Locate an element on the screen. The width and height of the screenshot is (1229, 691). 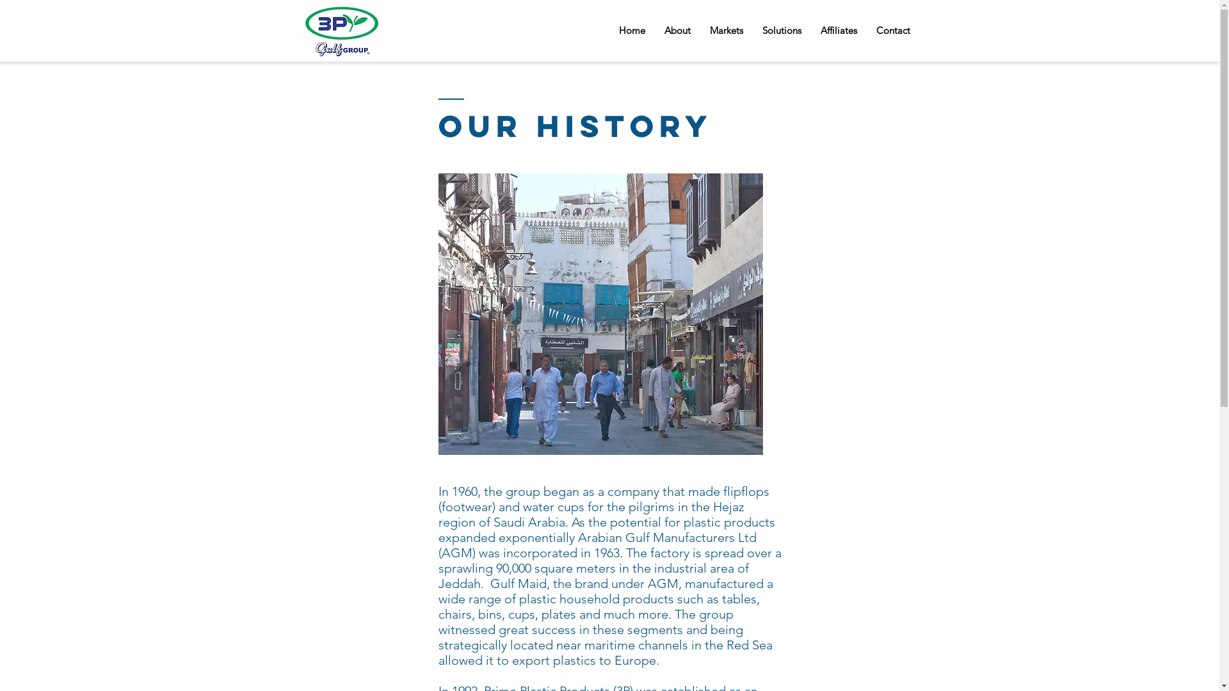
'Affiliates' is located at coordinates (838, 29).